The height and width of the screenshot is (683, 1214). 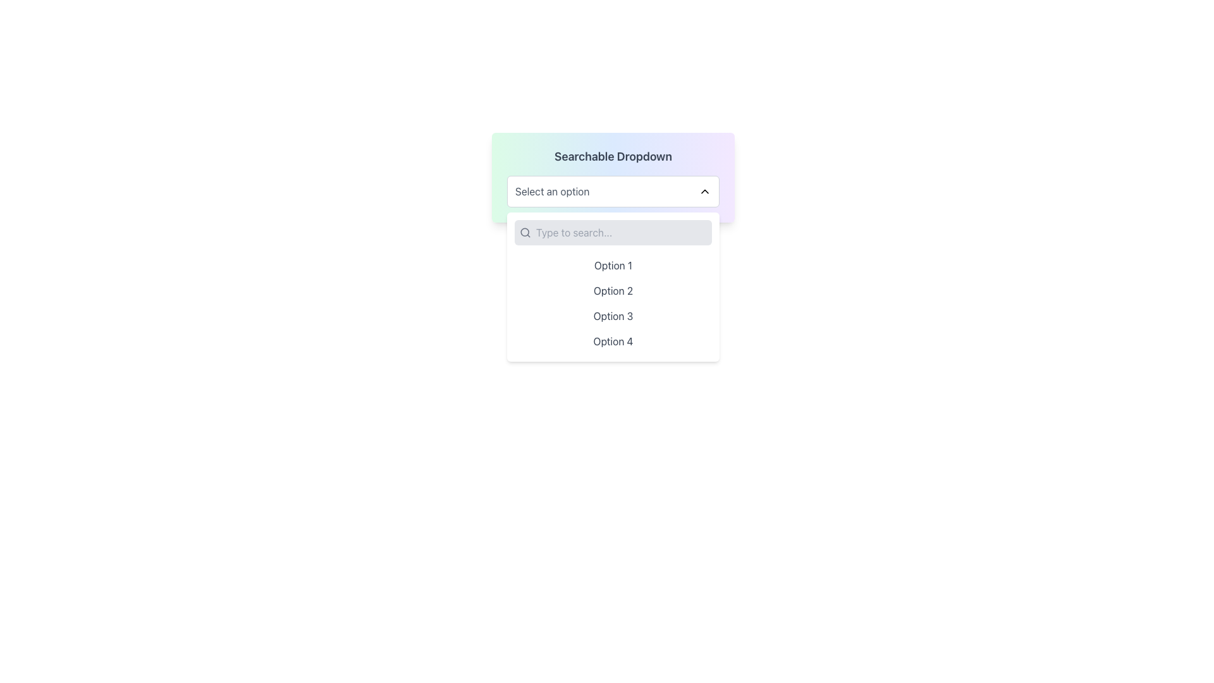 What do you see at coordinates (613, 341) in the screenshot?
I see `the text-based selectable option labeled 'Option 4'` at bounding box center [613, 341].